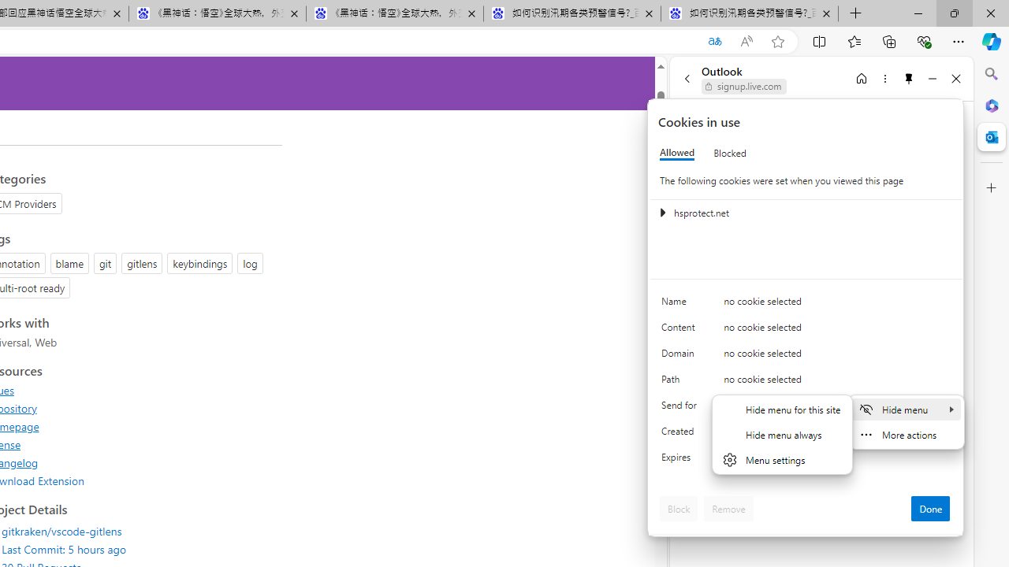 This screenshot has height=567, width=1009. What do you see at coordinates (677, 153) in the screenshot?
I see `'Allowed'` at bounding box center [677, 153].